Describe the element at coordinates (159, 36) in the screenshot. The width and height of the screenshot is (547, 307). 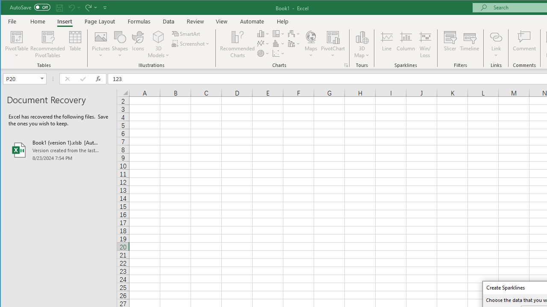
I see `'3D Models'` at that location.